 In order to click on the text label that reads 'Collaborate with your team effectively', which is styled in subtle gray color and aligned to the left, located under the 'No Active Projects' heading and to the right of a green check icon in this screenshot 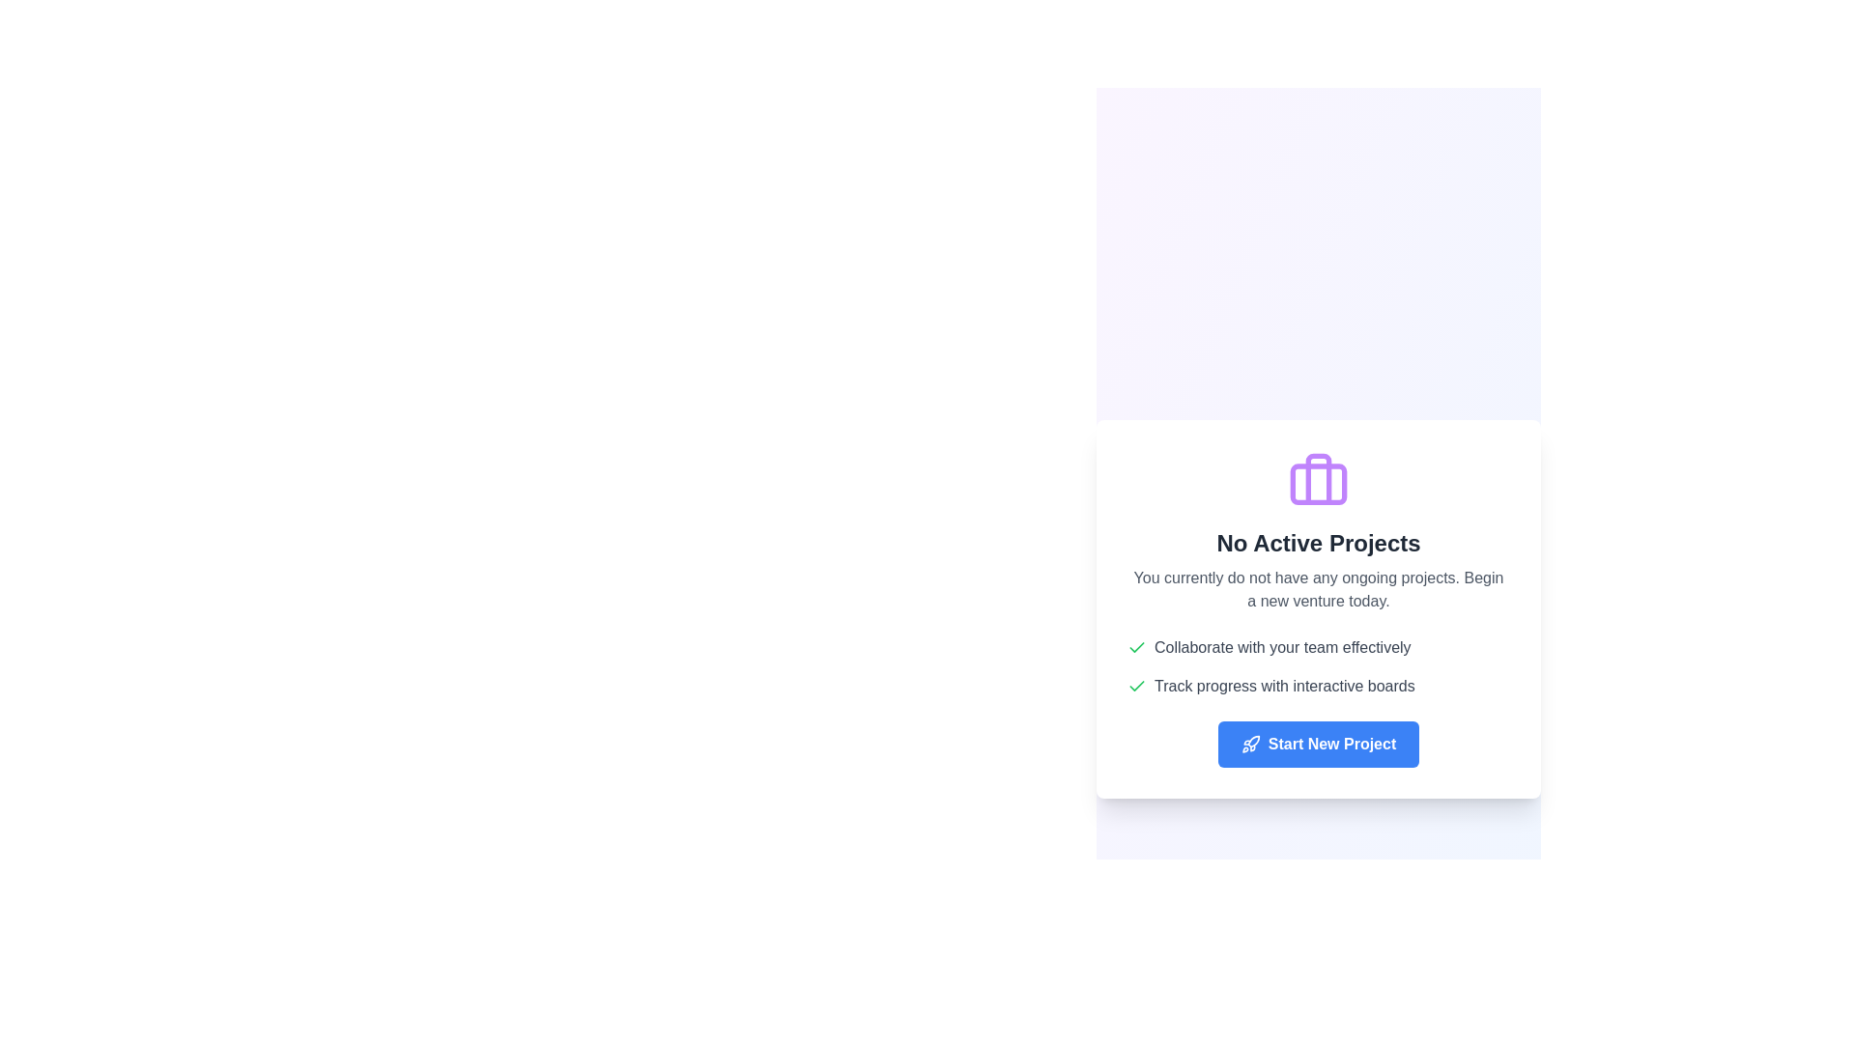, I will do `click(1282, 648)`.